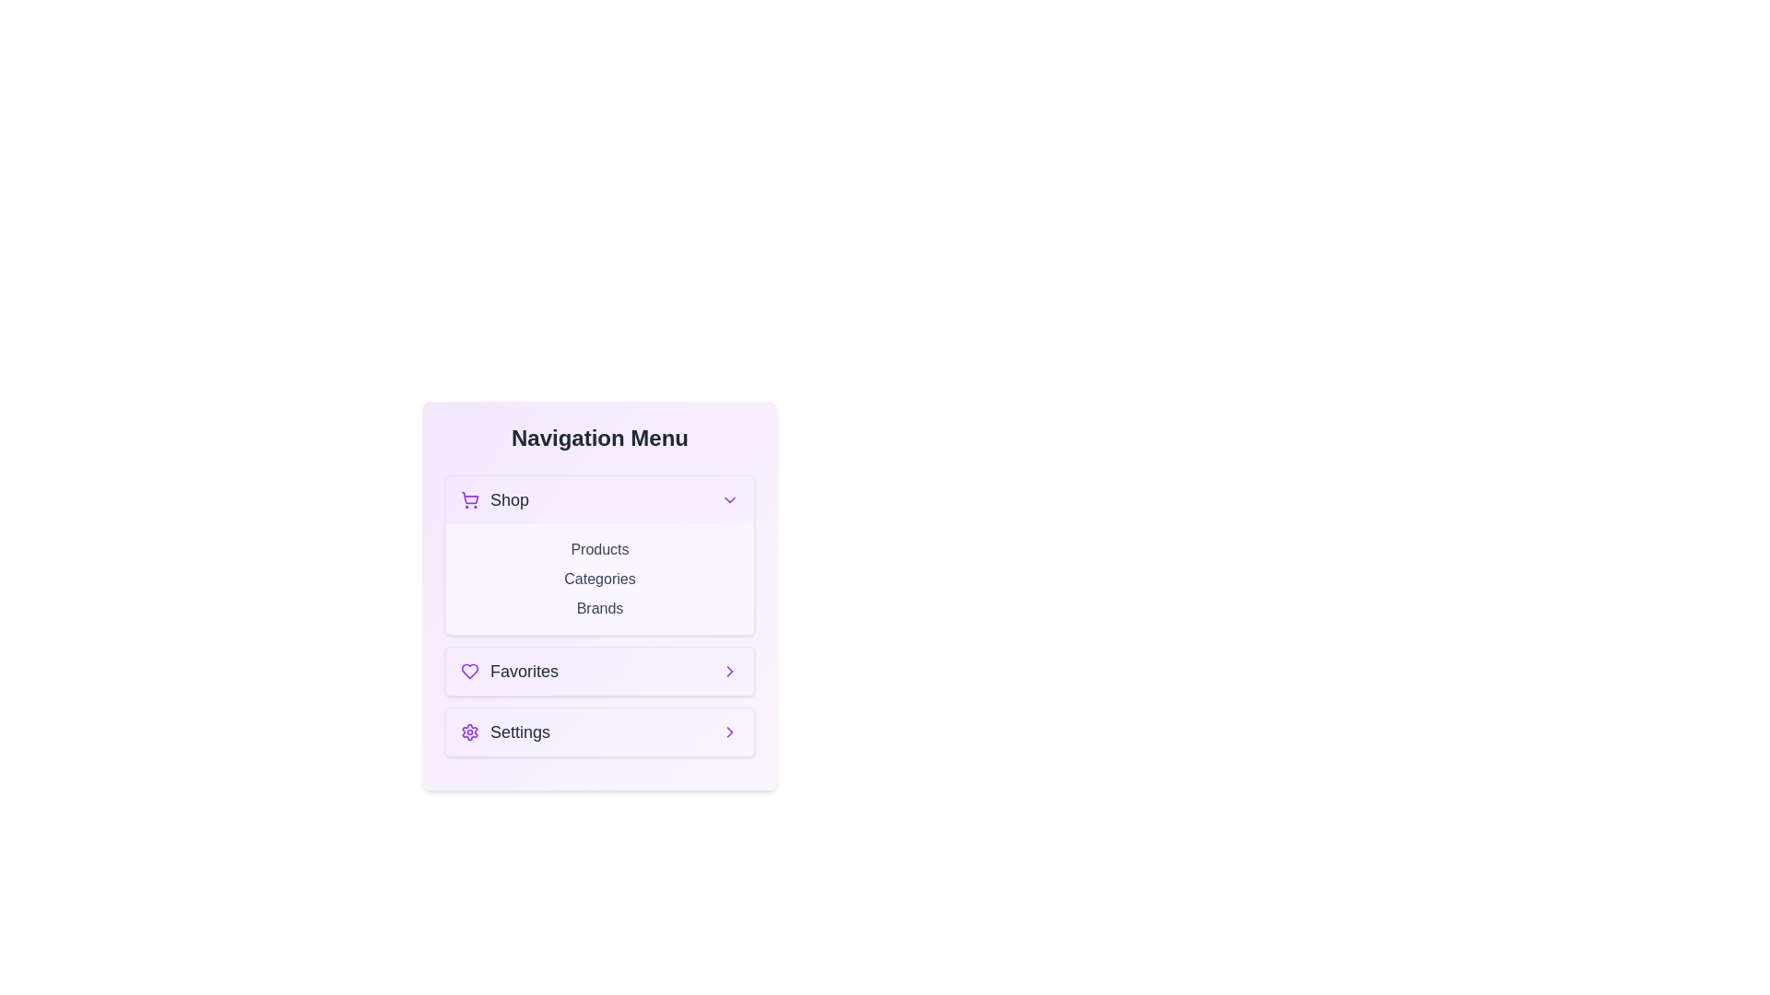 Image resolution: width=1770 pixels, height=995 pixels. I want to click on the purple downward-facing chevron icon located to the right of the 'Shop' button in the navigation menu, so click(729, 500).